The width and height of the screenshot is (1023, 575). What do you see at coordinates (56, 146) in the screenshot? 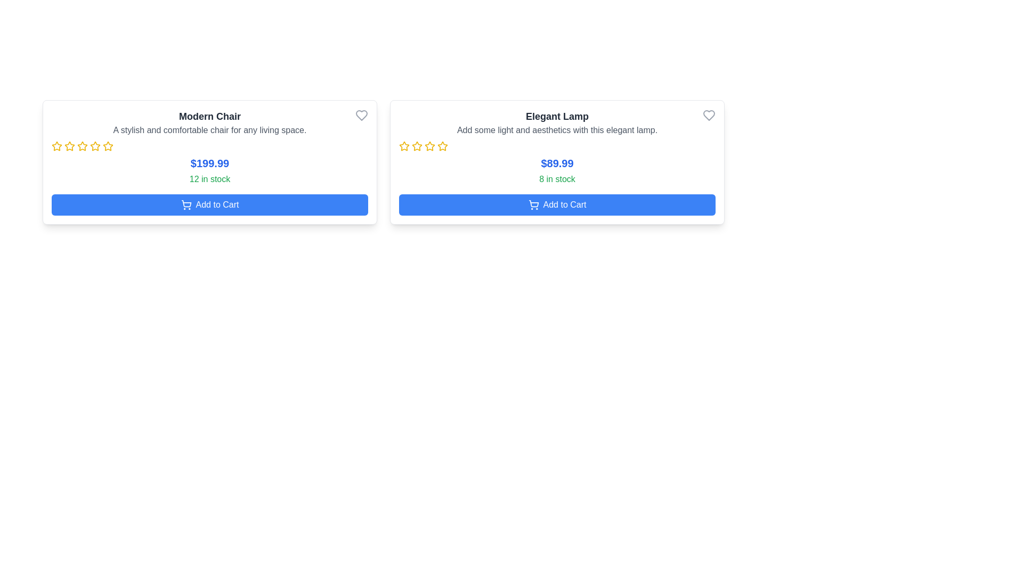
I see `the first star icon in the horizontal group of five rating indicators located beneath the product title and description in the Modern Chair product card` at bounding box center [56, 146].